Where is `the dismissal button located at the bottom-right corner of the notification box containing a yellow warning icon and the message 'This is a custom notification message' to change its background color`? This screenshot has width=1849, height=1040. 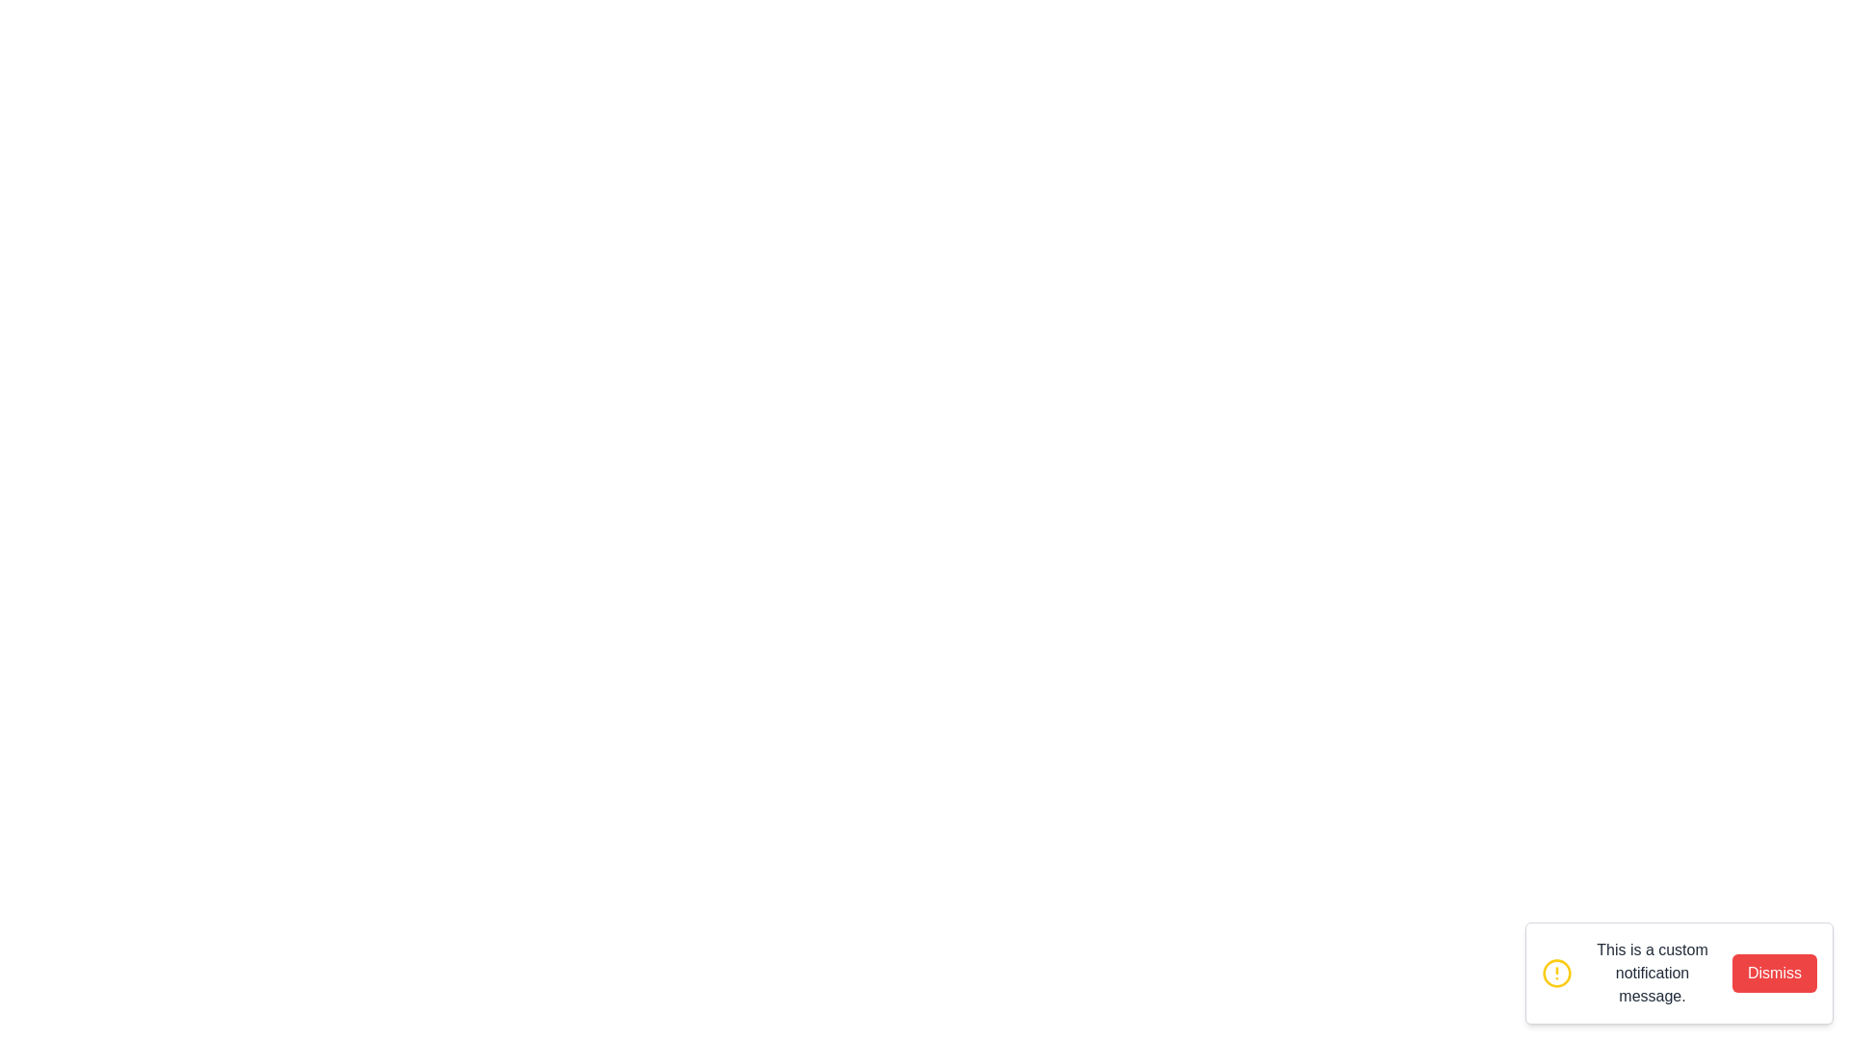
the dismissal button located at the bottom-right corner of the notification box containing a yellow warning icon and the message 'This is a custom notification message' to change its background color is located at coordinates (1774, 973).